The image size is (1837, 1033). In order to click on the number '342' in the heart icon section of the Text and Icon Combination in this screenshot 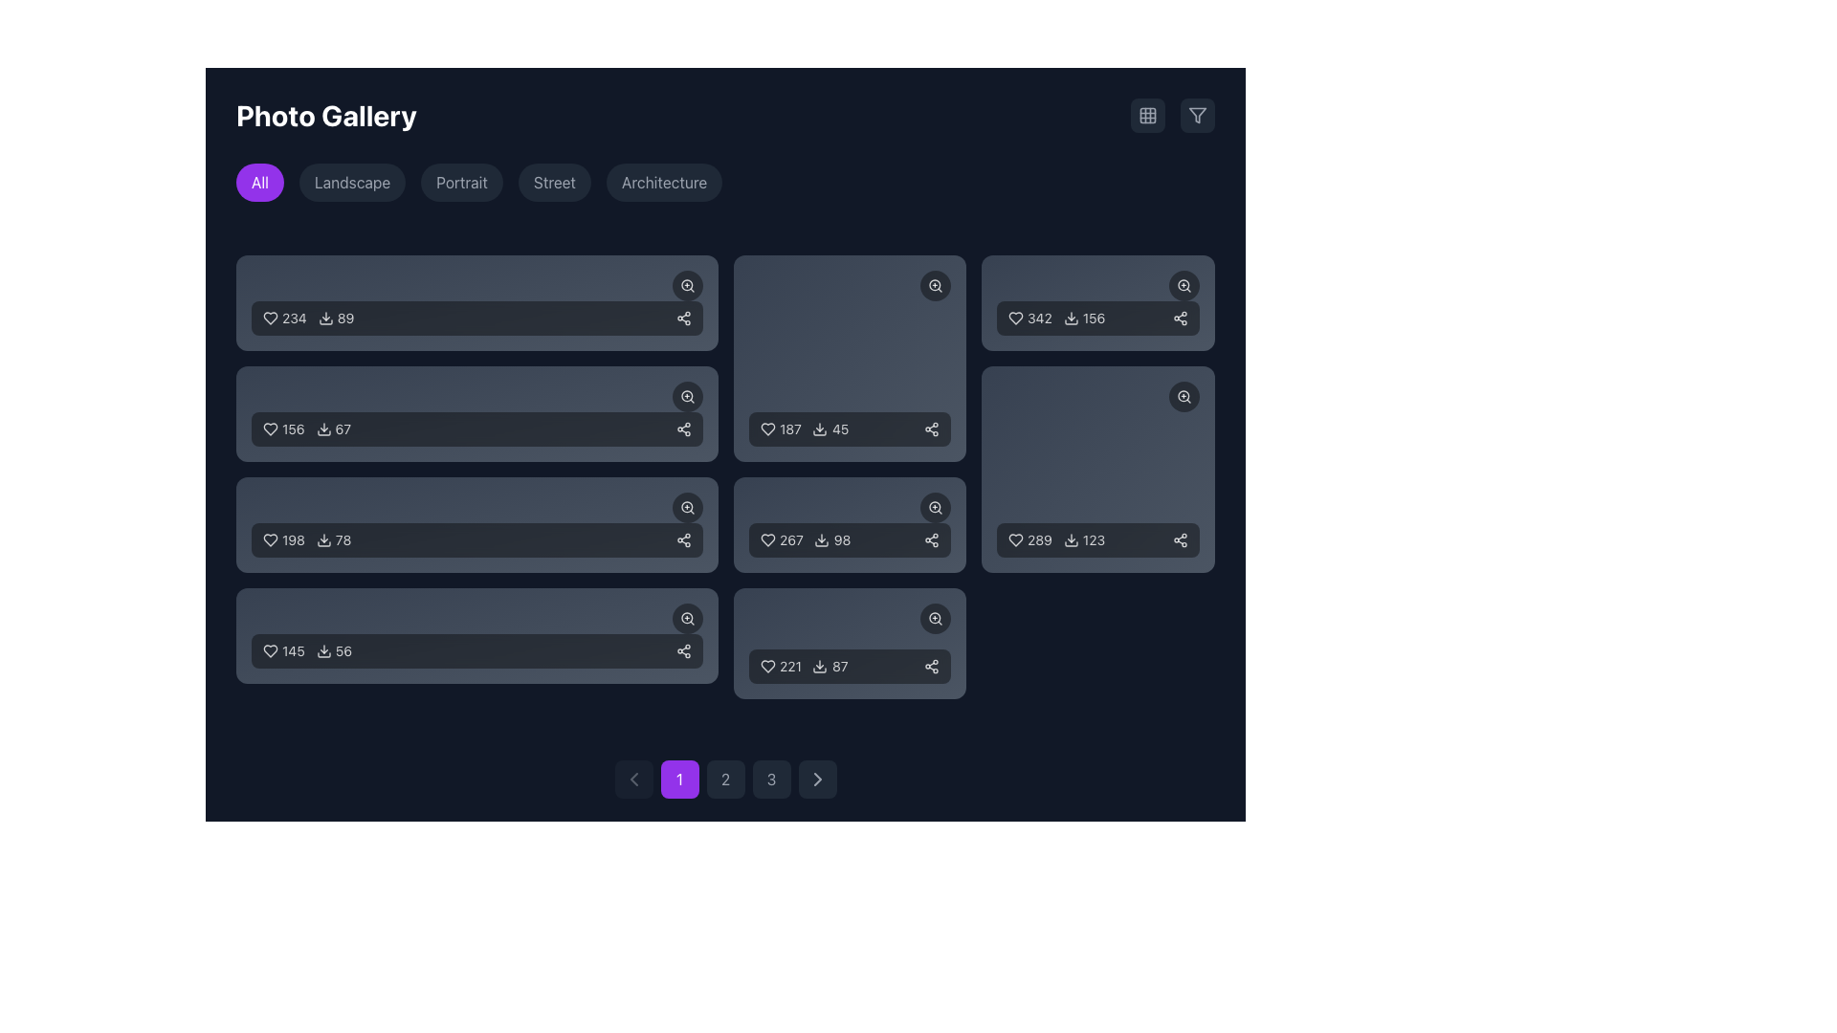, I will do `click(1055, 317)`.